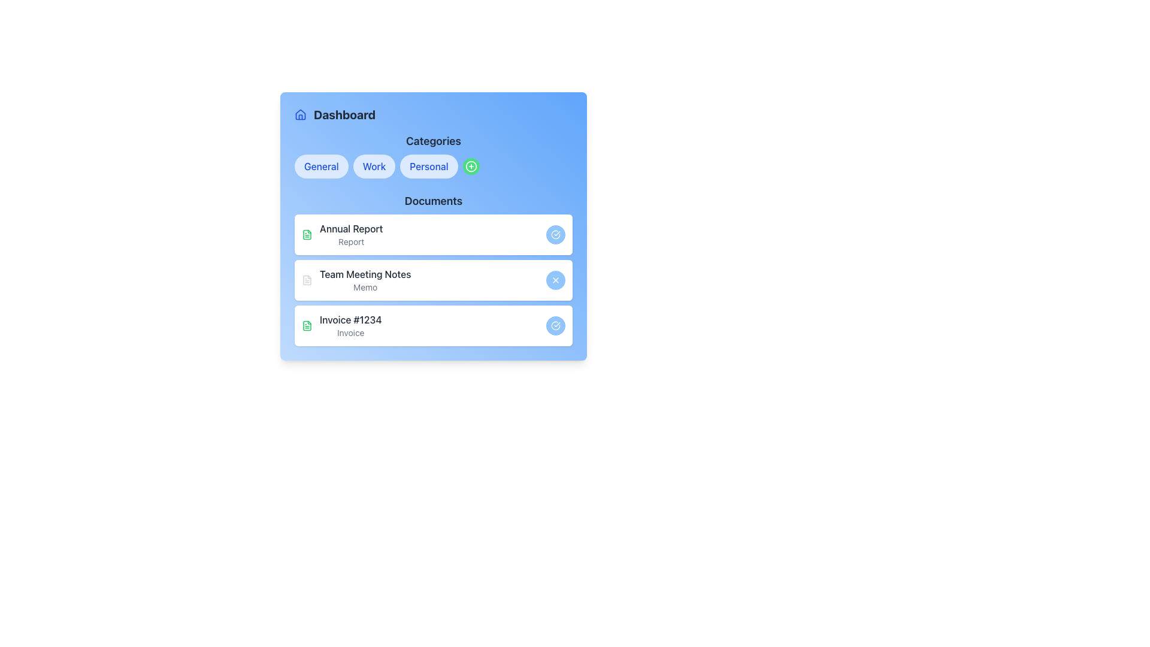 This screenshot has height=647, width=1150. What do you see at coordinates (341, 235) in the screenshot?
I see `the Static Display Element (Document Entry) displaying 'Annual Report' with a green file icon on the left and a gray subtitle 'Report' below it` at bounding box center [341, 235].